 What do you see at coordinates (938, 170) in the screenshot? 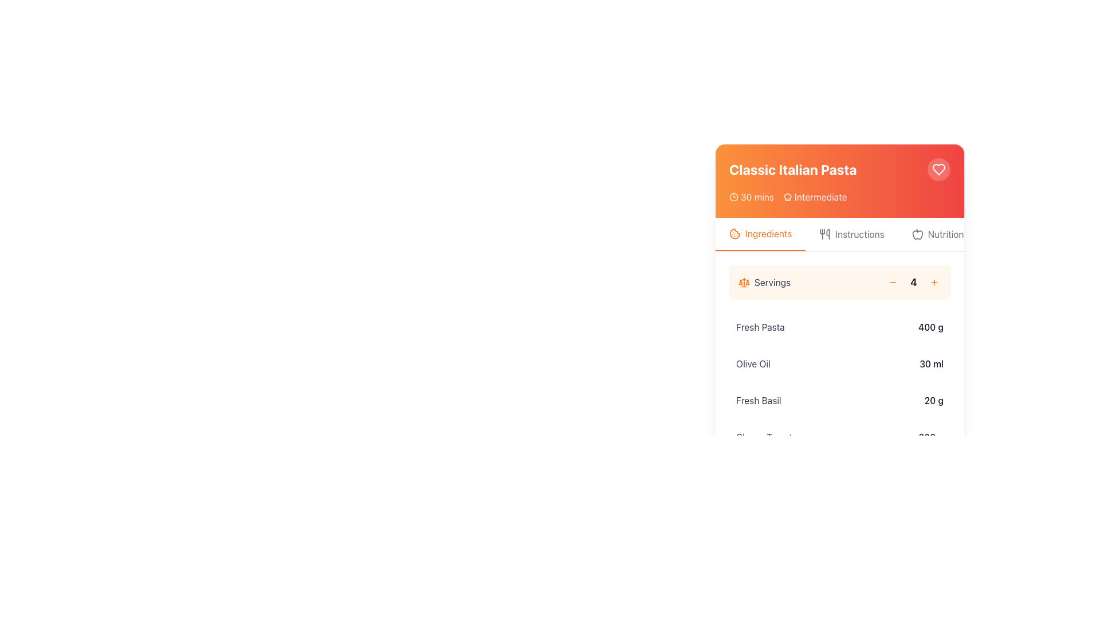
I see `the favorite icon button` at bounding box center [938, 170].